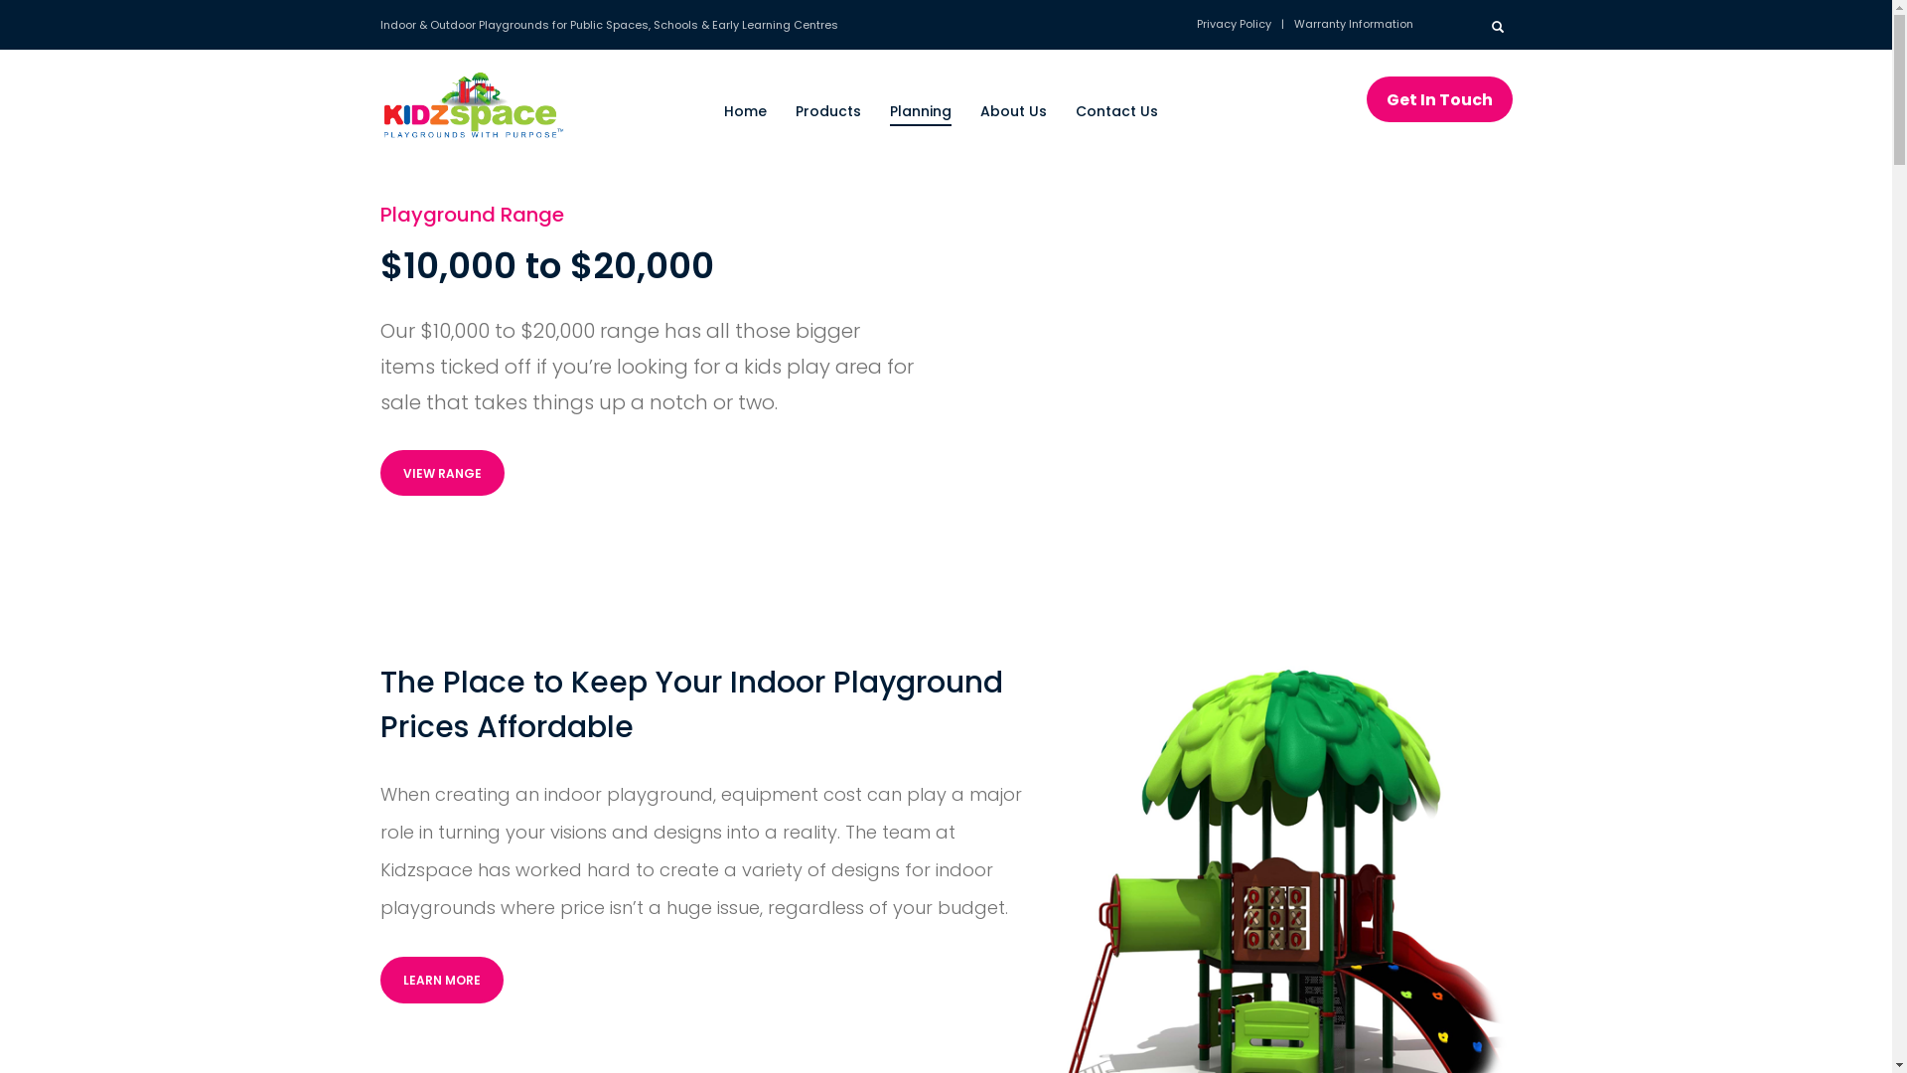  I want to click on 'Get In Touch', so click(1439, 99).